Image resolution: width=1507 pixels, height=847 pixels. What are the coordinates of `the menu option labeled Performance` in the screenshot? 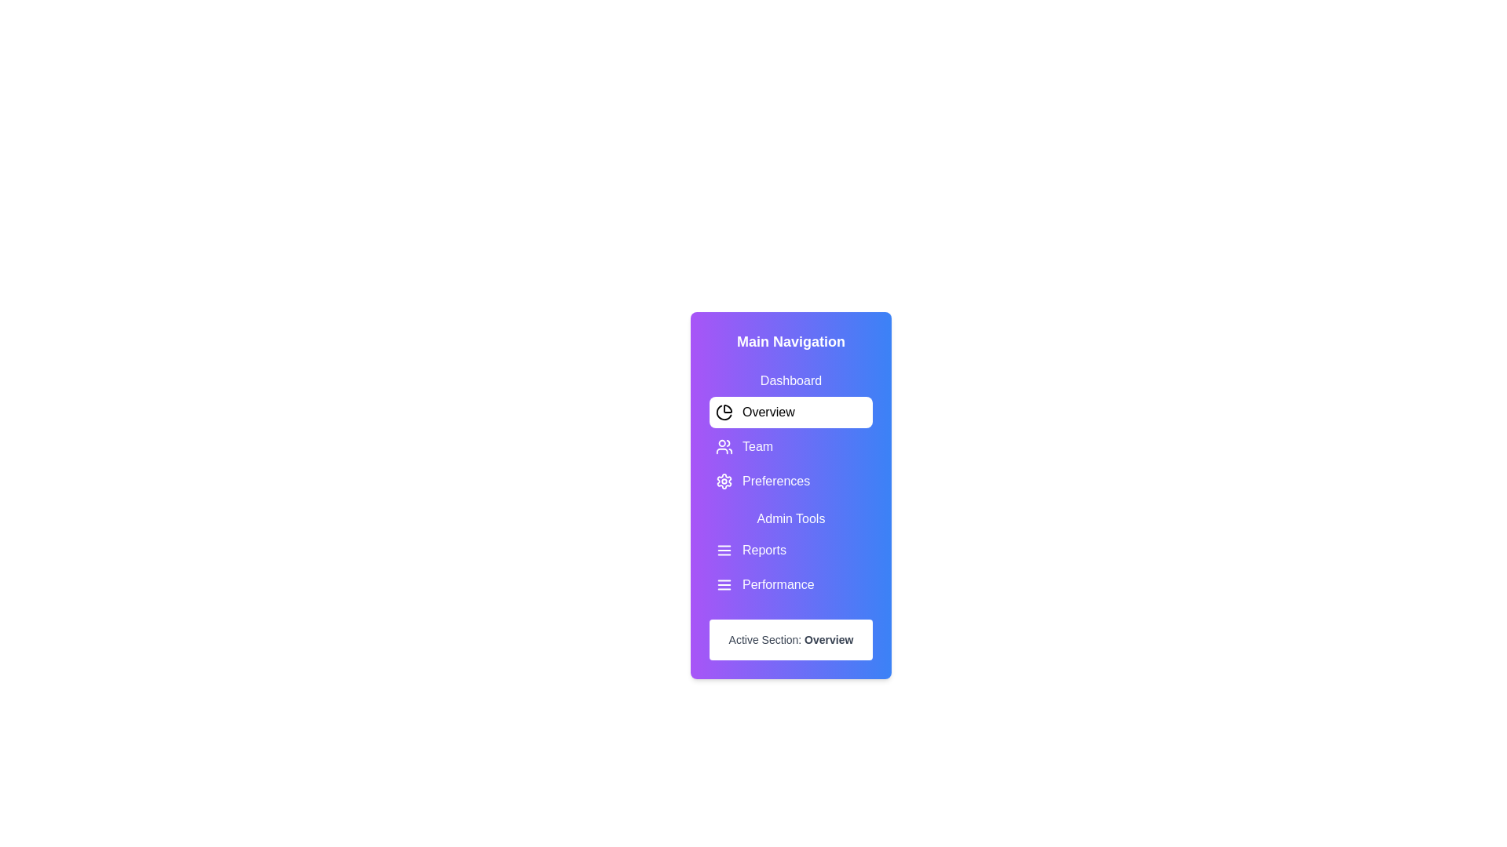 It's located at (791, 584).